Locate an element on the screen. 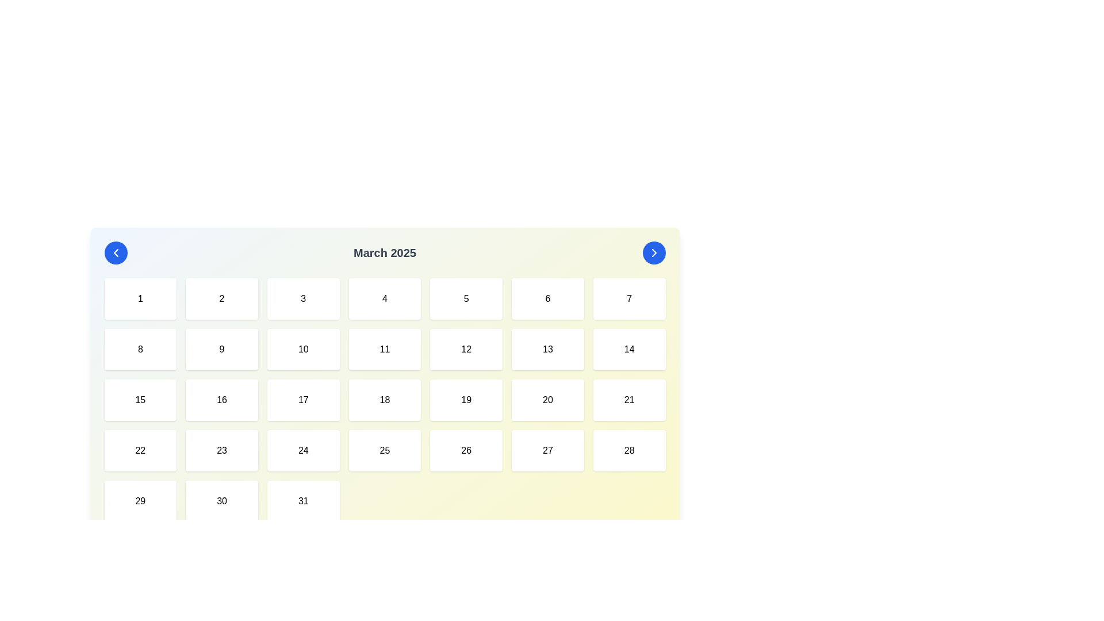 This screenshot has height=621, width=1104. the rectangular button displaying the number '30' with a white background and rounded corners, located in the last row and second column of the calendar grid is located at coordinates (222, 500).